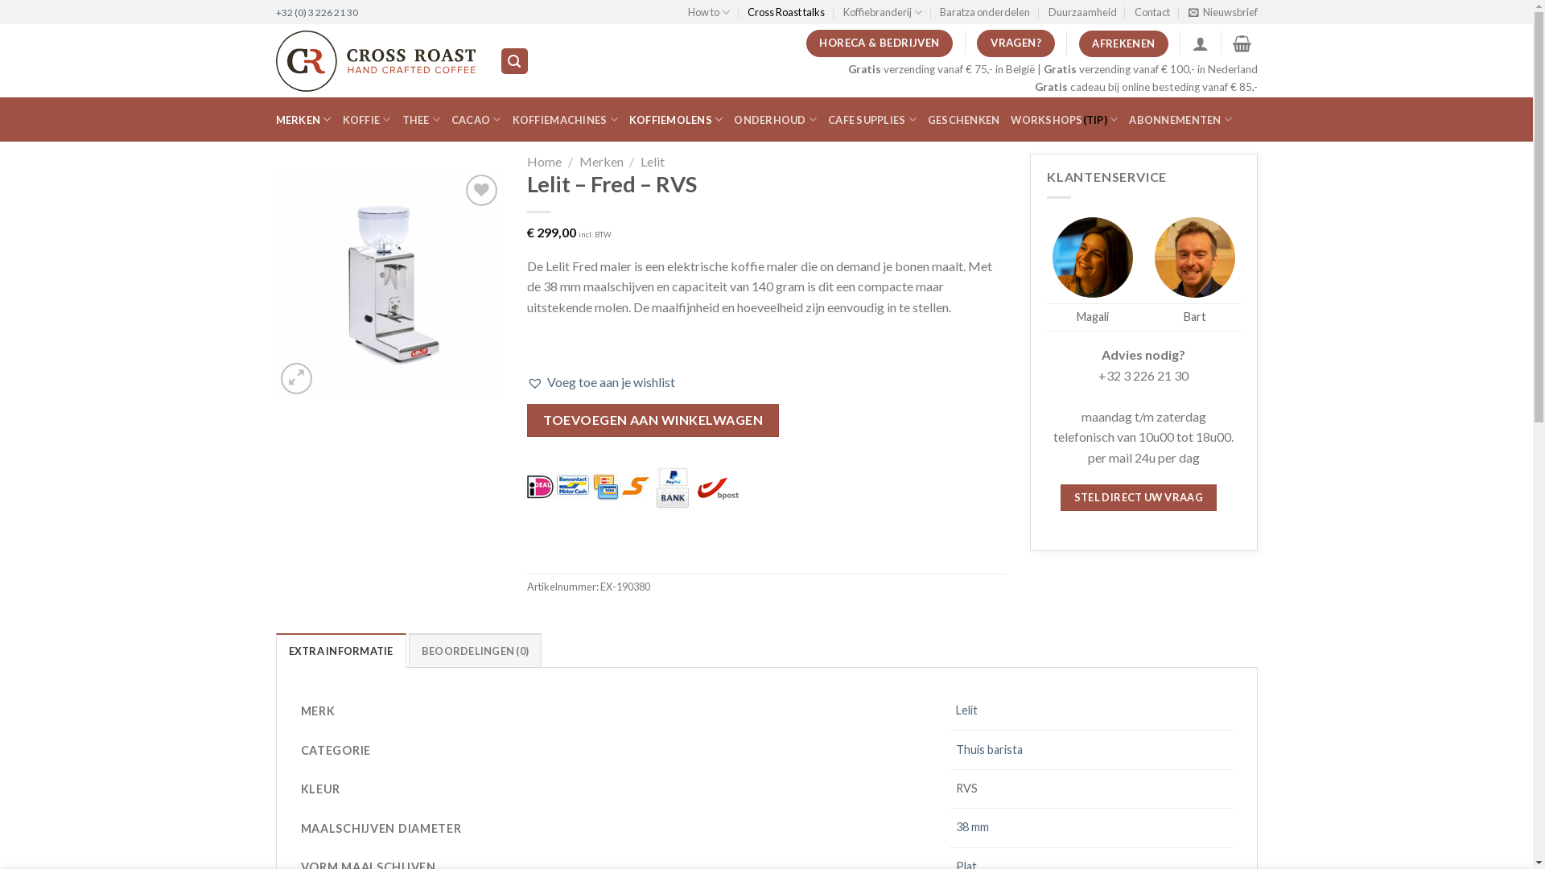  I want to click on 'BEOORDELINGEN (0)', so click(474, 649).